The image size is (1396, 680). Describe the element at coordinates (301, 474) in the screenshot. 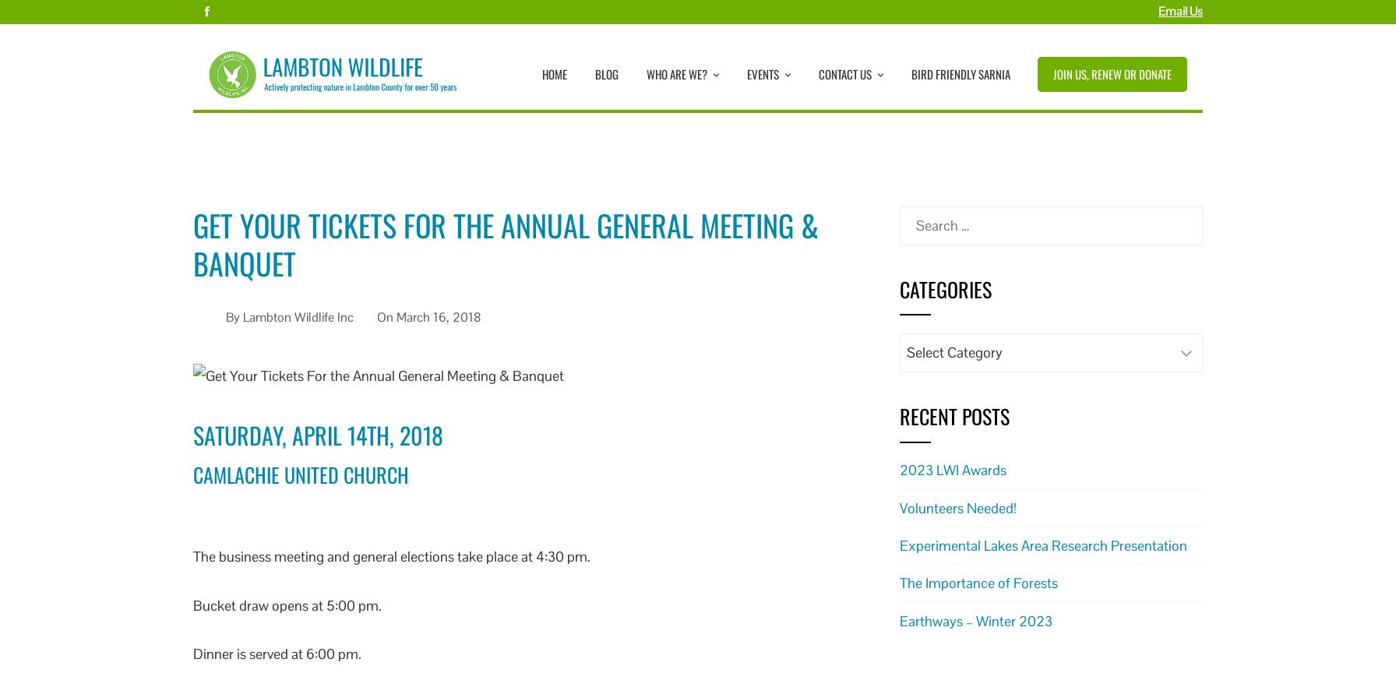

I see `'Camlachie United Church'` at that location.